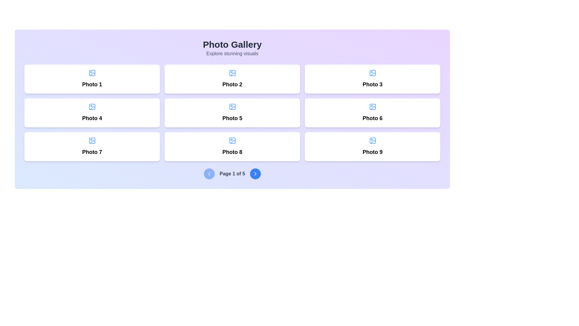 The image size is (579, 326). What do you see at coordinates (232, 44) in the screenshot?
I see `the prominent text label 'Photo Gallery' which is styled in a bold, large, sans-serif font against a light purple background` at bounding box center [232, 44].